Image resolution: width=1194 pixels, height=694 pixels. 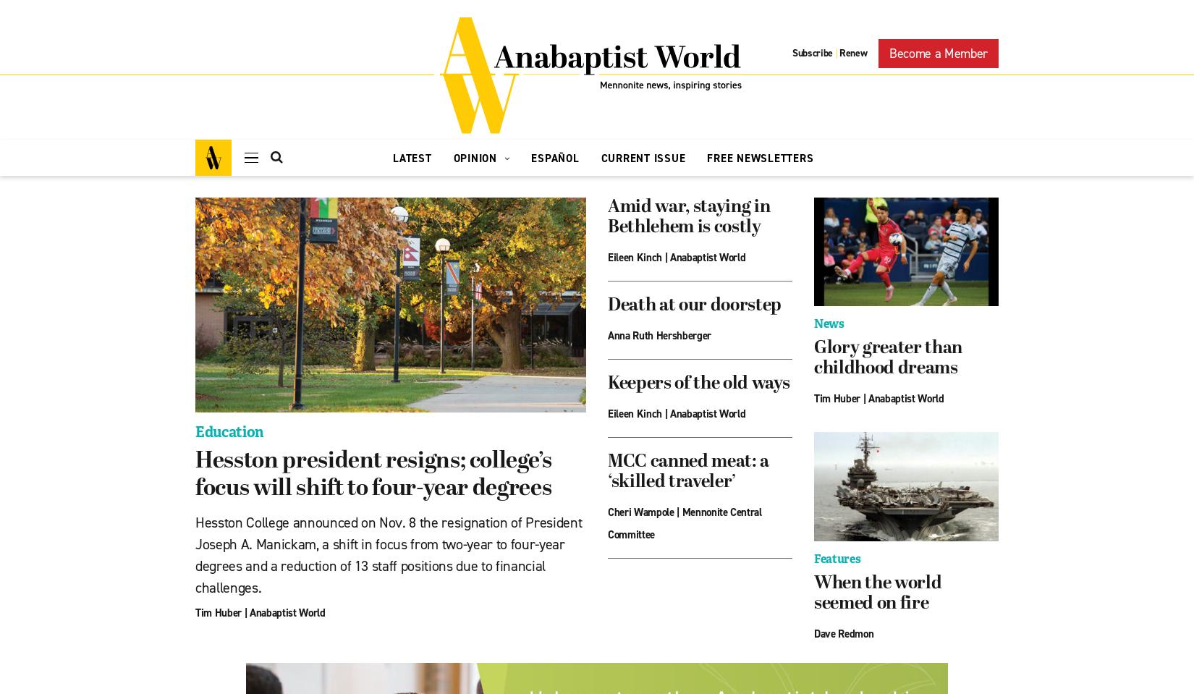 I want to click on 'Hesston College announced on Nov. 8 the resignation of President Joseph A. Manickam, a shift in focus from two-year to four-year degrees and a reduction of 13 staff positions due to financial challenges.', so click(x=388, y=555).